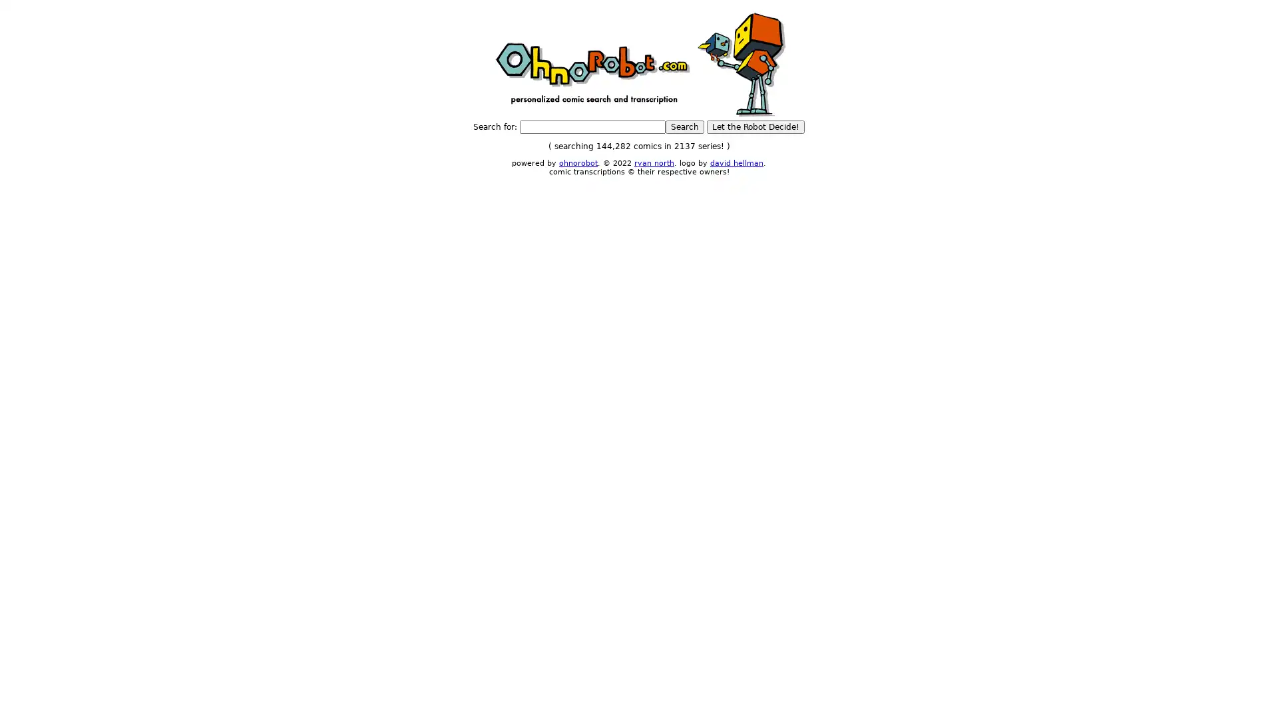 Image resolution: width=1278 pixels, height=719 pixels. I want to click on Search, so click(684, 127).